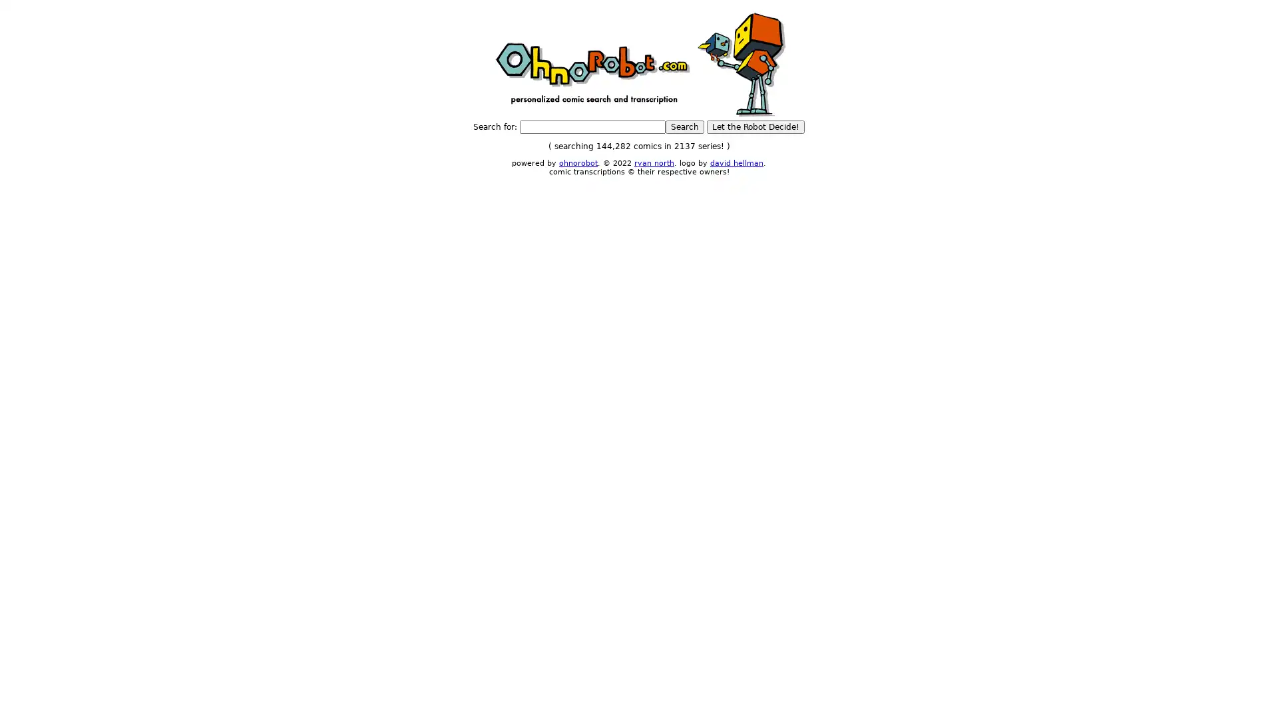 Image resolution: width=1278 pixels, height=719 pixels. I want to click on Search, so click(684, 127).